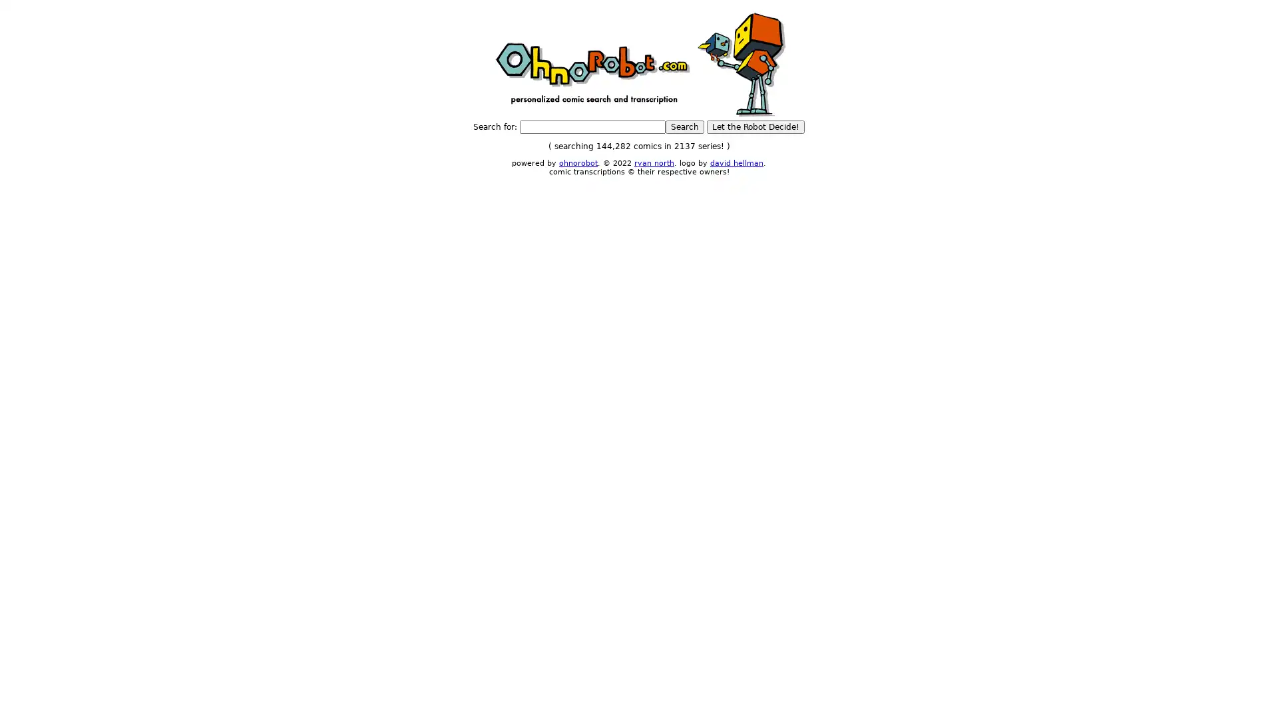 Image resolution: width=1278 pixels, height=719 pixels. I want to click on Search, so click(684, 127).